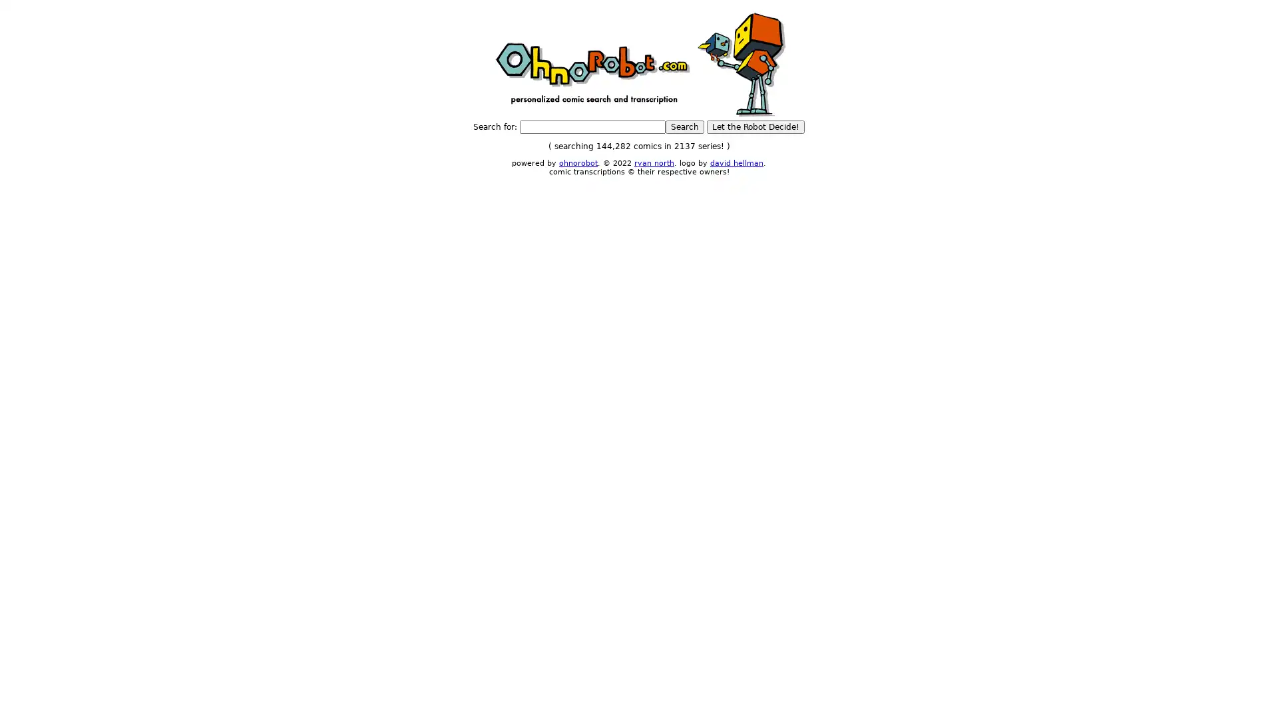 Image resolution: width=1278 pixels, height=719 pixels. I want to click on Search, so click(684, 127).